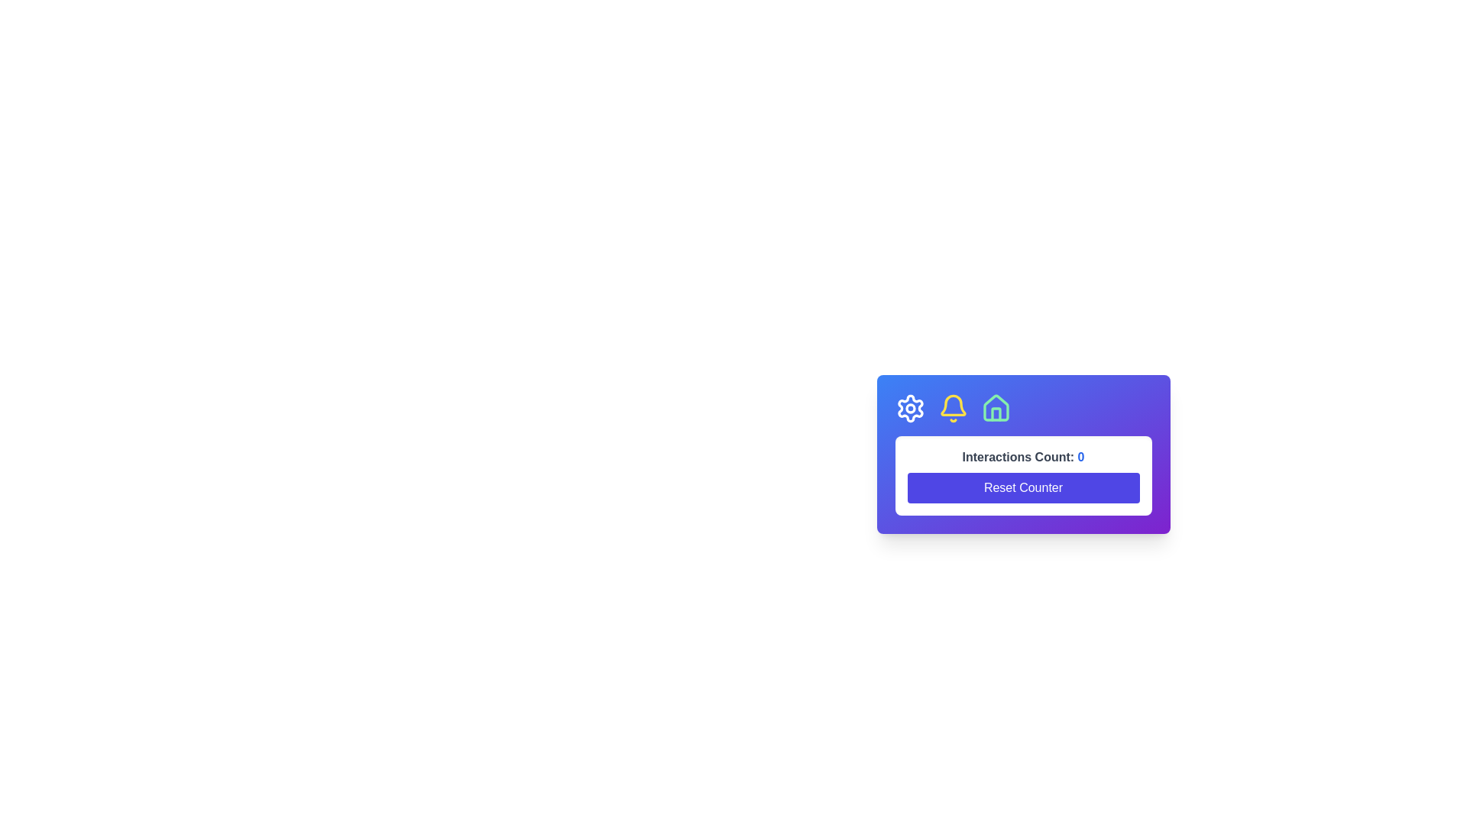 This screenshot has width=1467, height=825. Describe the element at coordinates (910, 408) in the screenshot. I see `the settings icon located at the top-left corner of the horizontal row of icons` at that location.